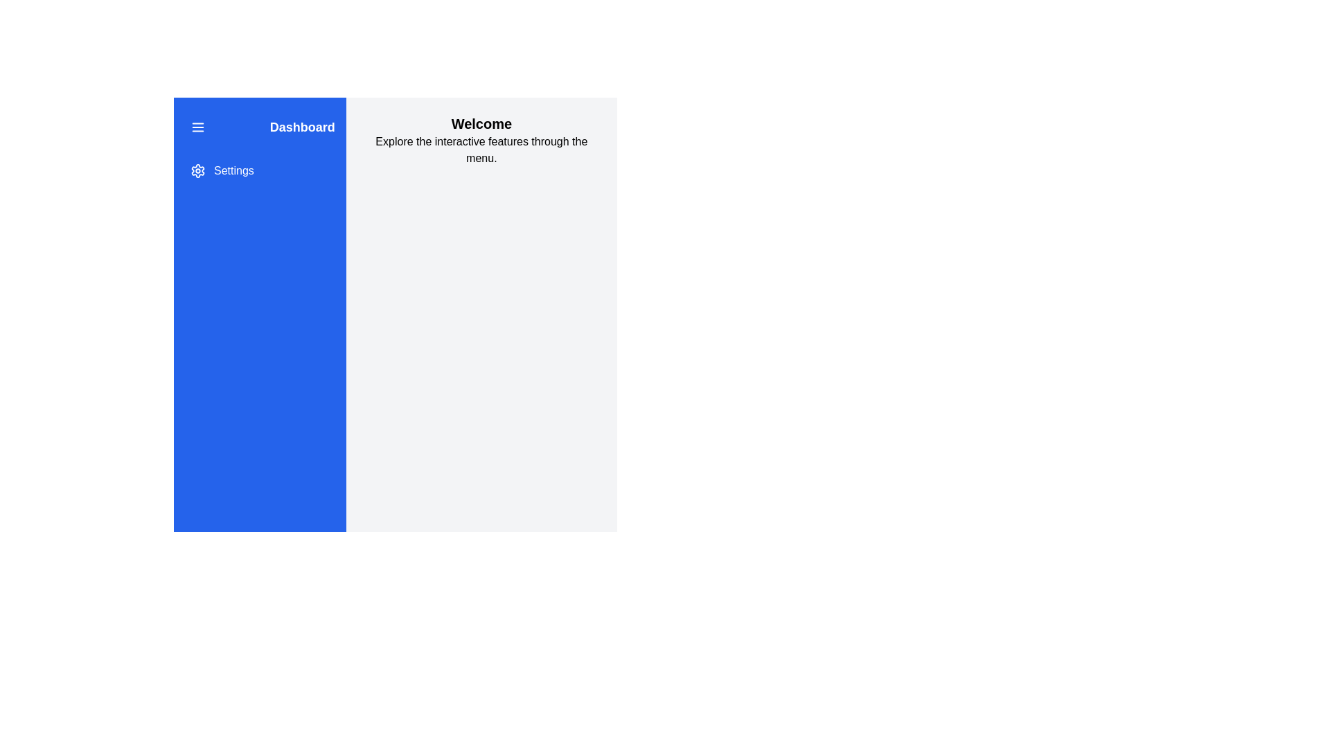  Describe the element at coordinates (197, 127) in the screenshot. I see `the menu toggle button located at the top-left corner of the control panel section` at that location.